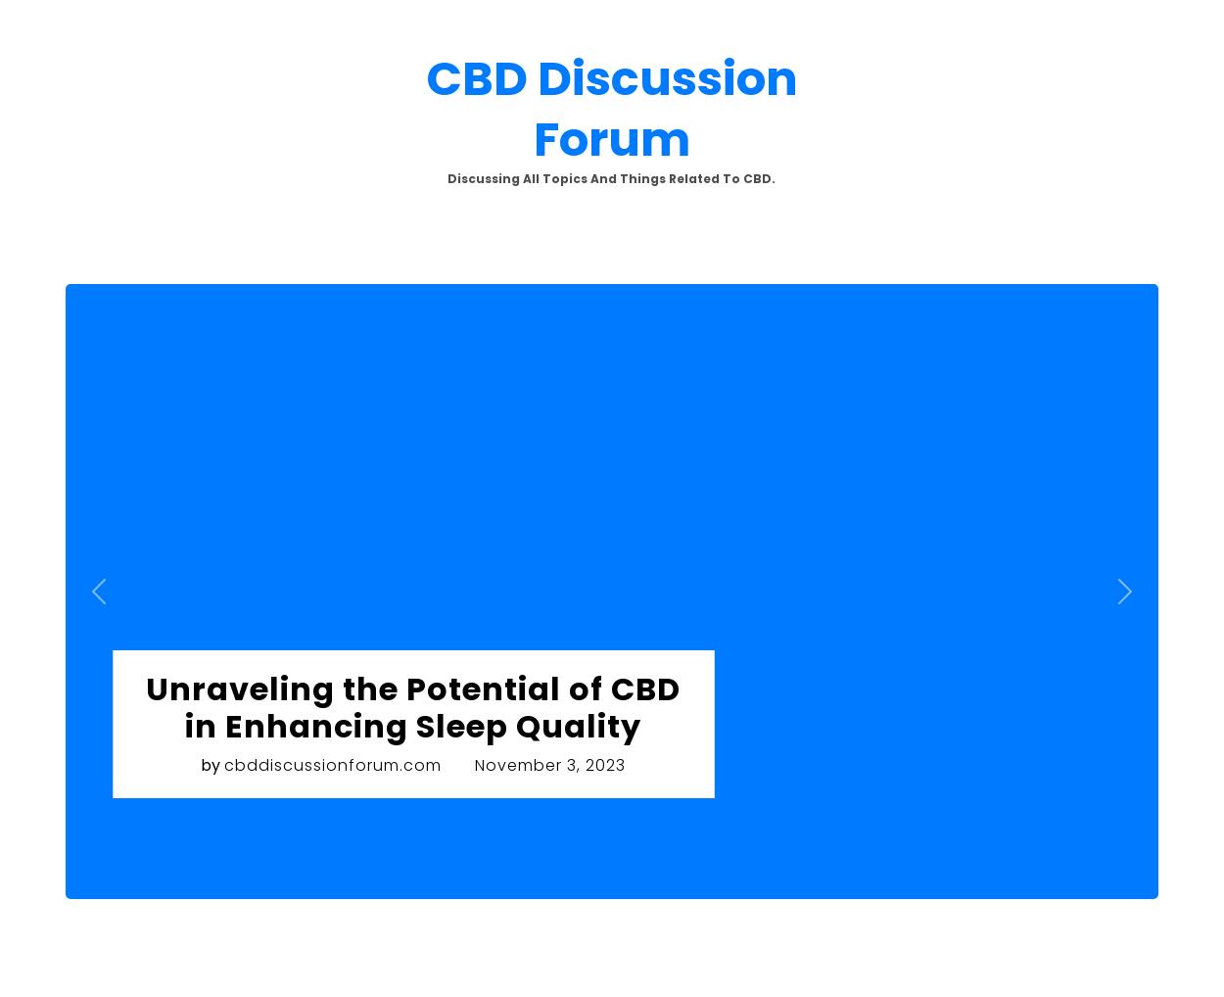 This screenshot has width=1224, height=997. What do you see at coordinates (92, 400) in the screenshot?
I see `'October 31, 2023'` at bounding box center [92, 400].